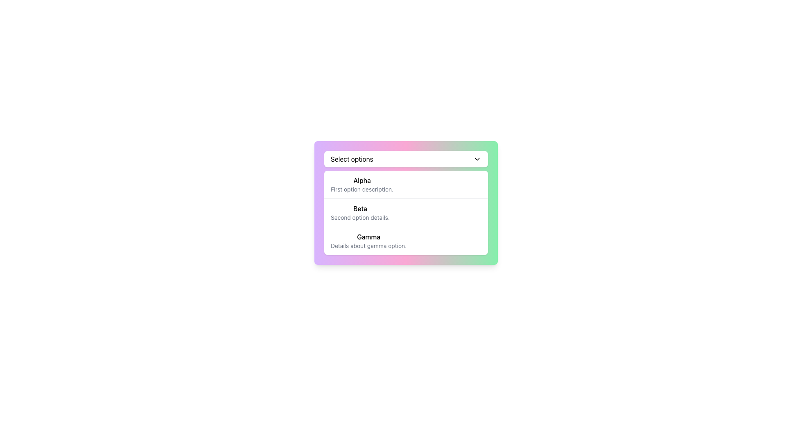 The image size is (786, 442). I want to click on to select the 'Beta' option from the dropdown list, which is the second entry labeled 'Beta' and provides additional details with 'Second option details.', so click(360, 212).